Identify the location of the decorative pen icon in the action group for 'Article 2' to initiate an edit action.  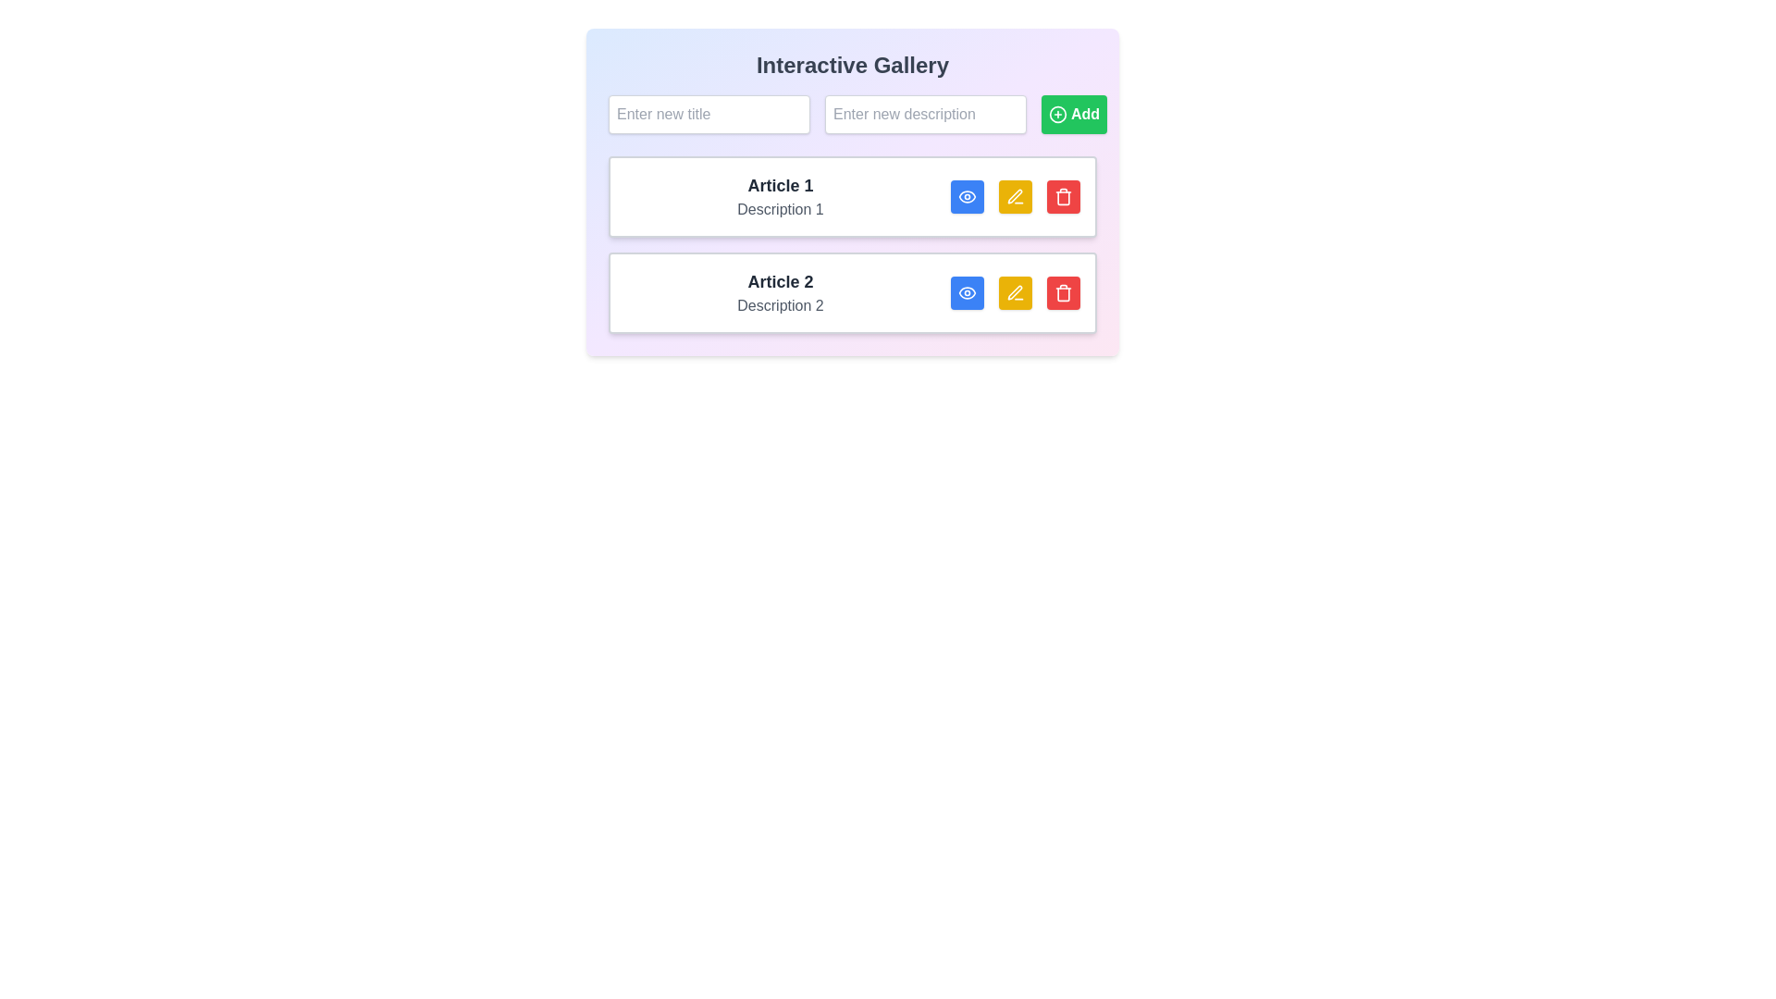
(1014, 291).